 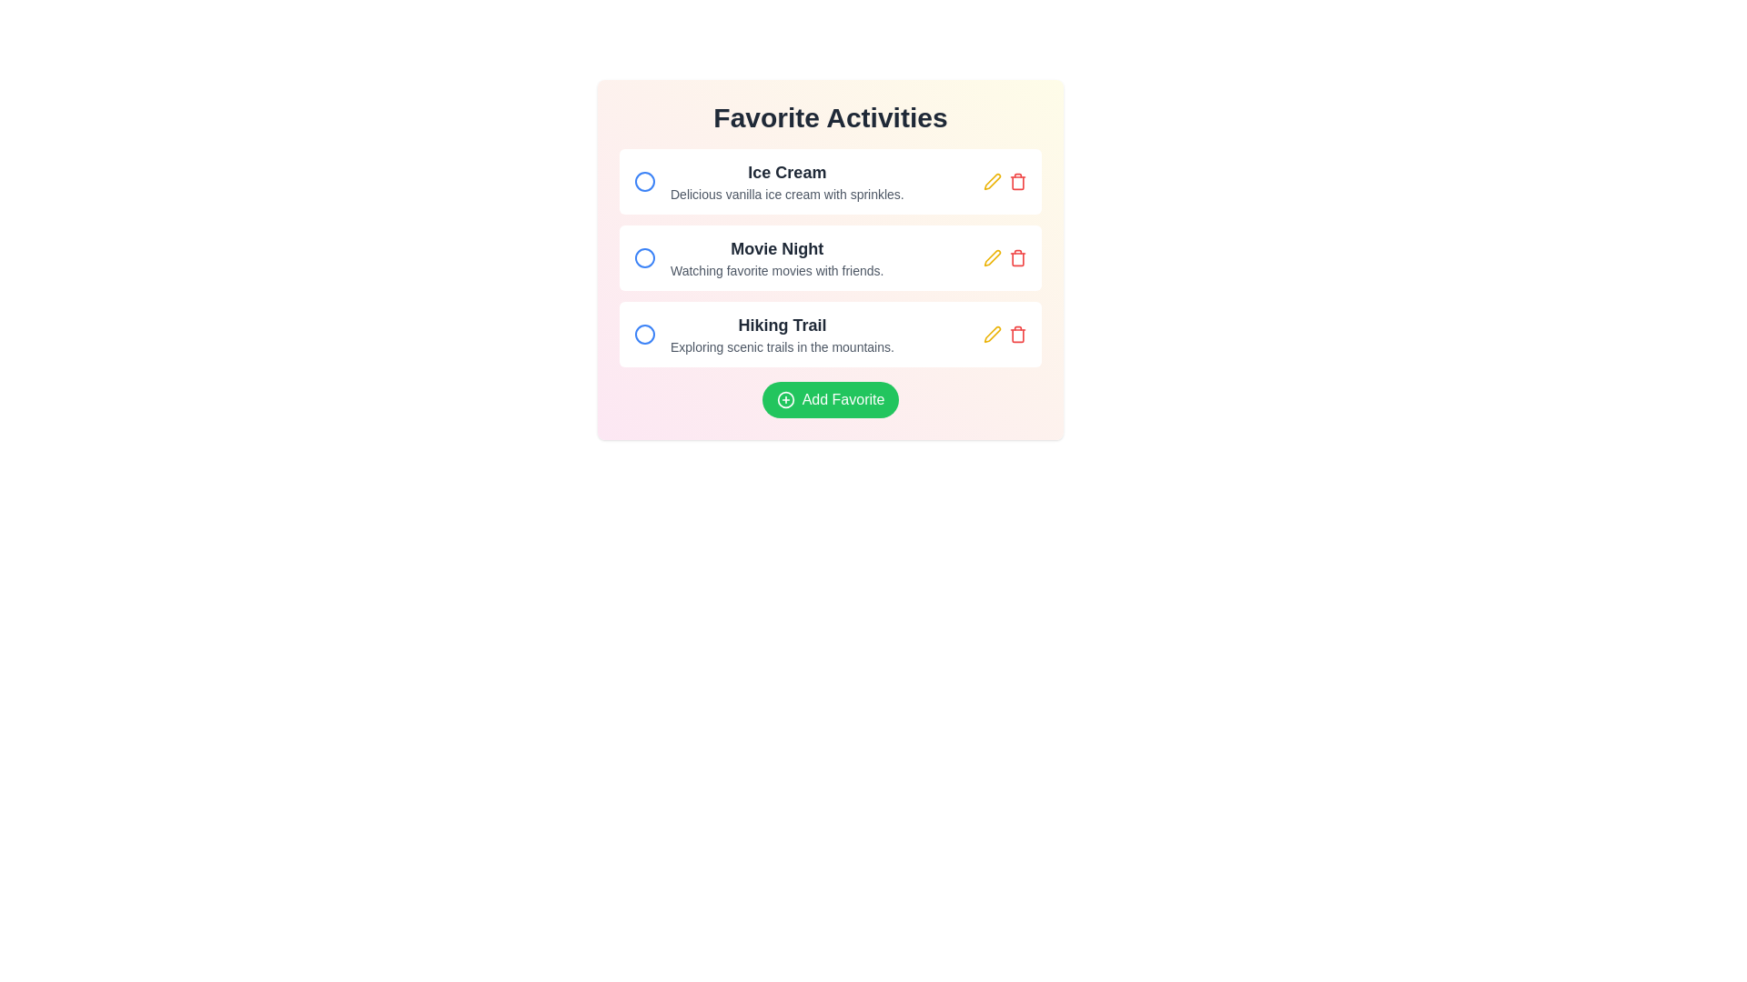 I want to click on information from the text content block that serves as the first item in the list of favorite activities, located beneath the header 'Favorite Activities', so click(x=787, y=182).